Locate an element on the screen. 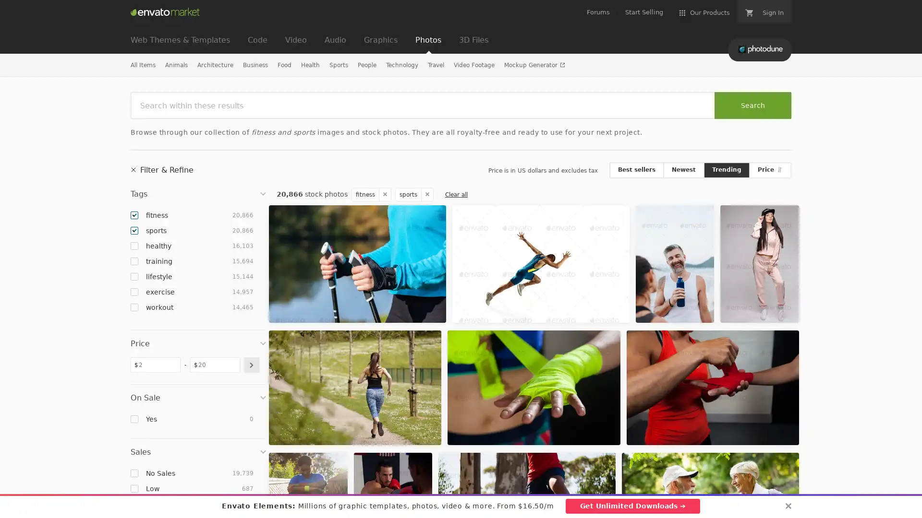 The width and height of the screenshot is (922, 518). Add to Favorites is located at coordinates (616, 217).